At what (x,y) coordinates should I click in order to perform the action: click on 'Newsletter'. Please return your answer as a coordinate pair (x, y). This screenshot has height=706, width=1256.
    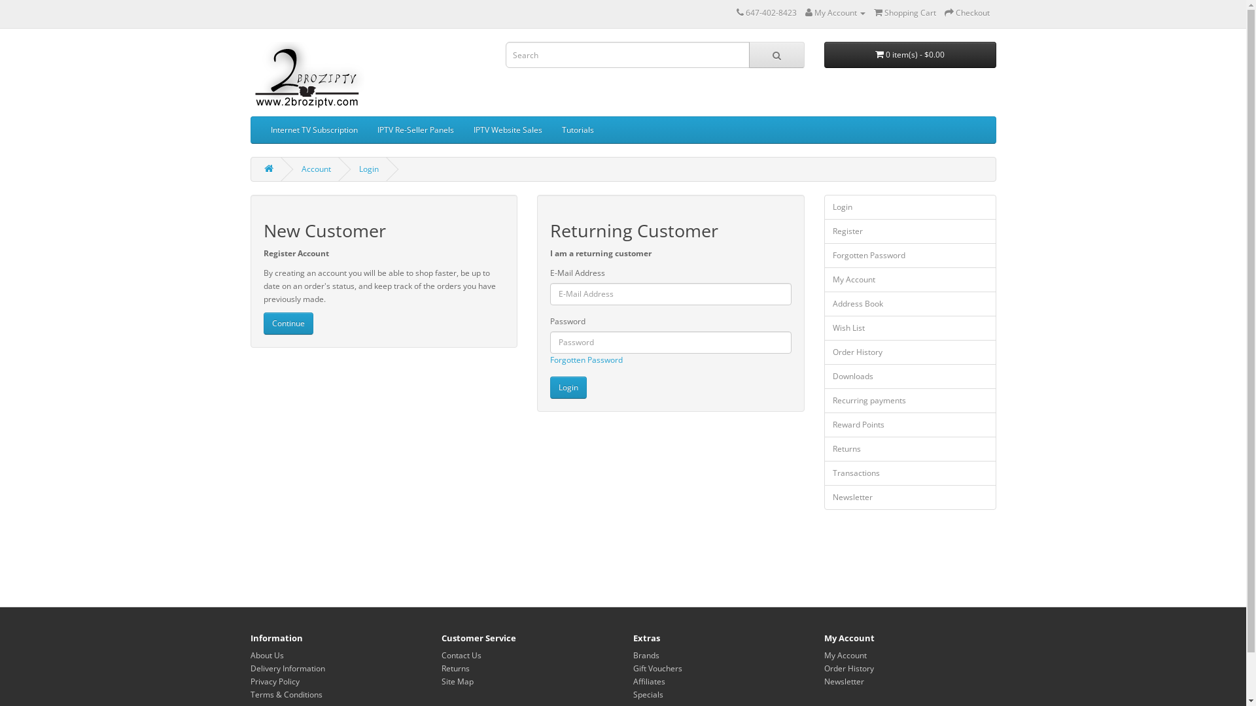
    Looking at the image, I should click on (909, 497).